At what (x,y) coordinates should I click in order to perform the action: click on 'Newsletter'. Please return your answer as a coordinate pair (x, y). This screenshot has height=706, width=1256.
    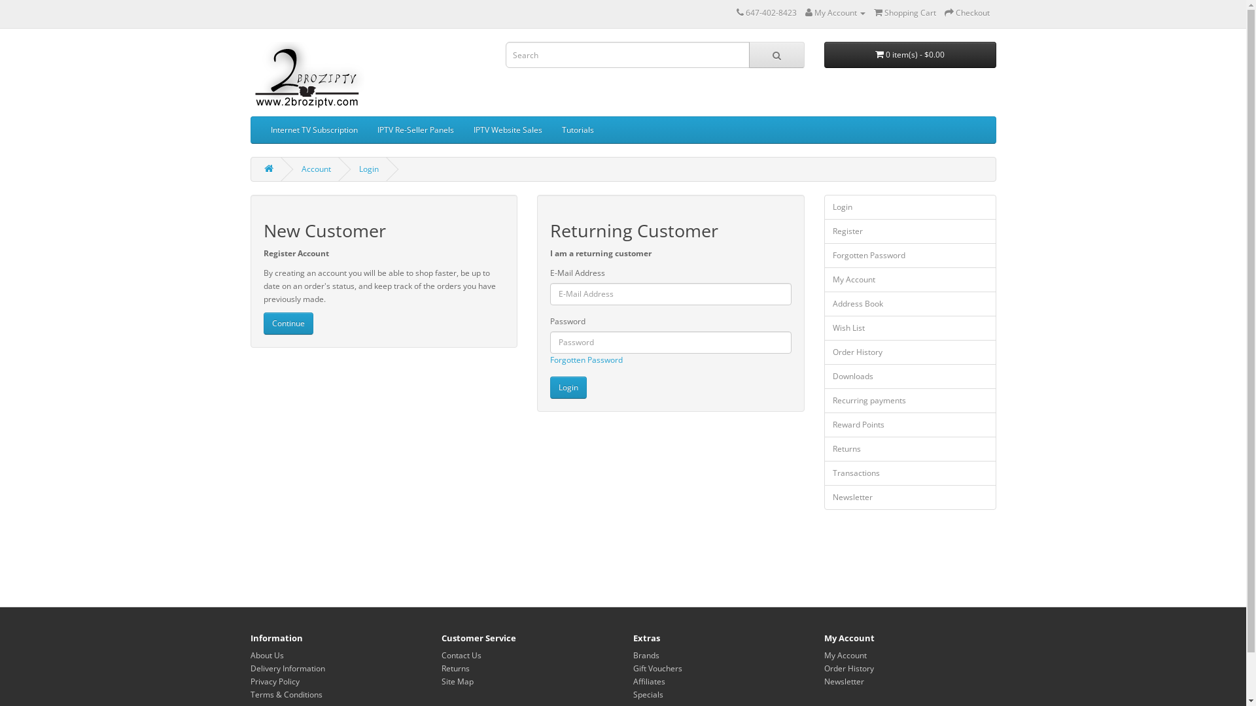
    Looking at the image, I should click on (909, 497).